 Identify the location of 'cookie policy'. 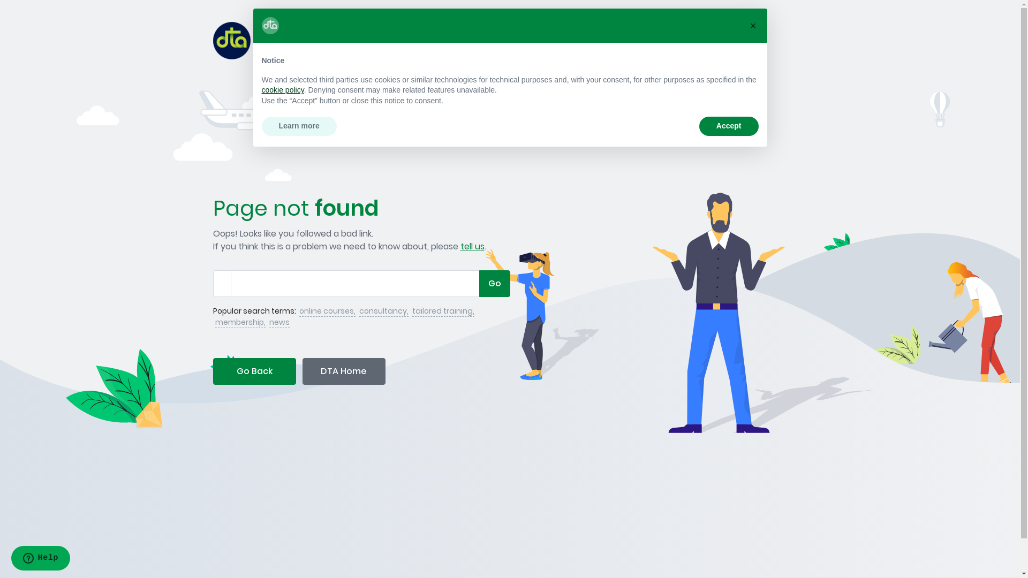
(282, 89).